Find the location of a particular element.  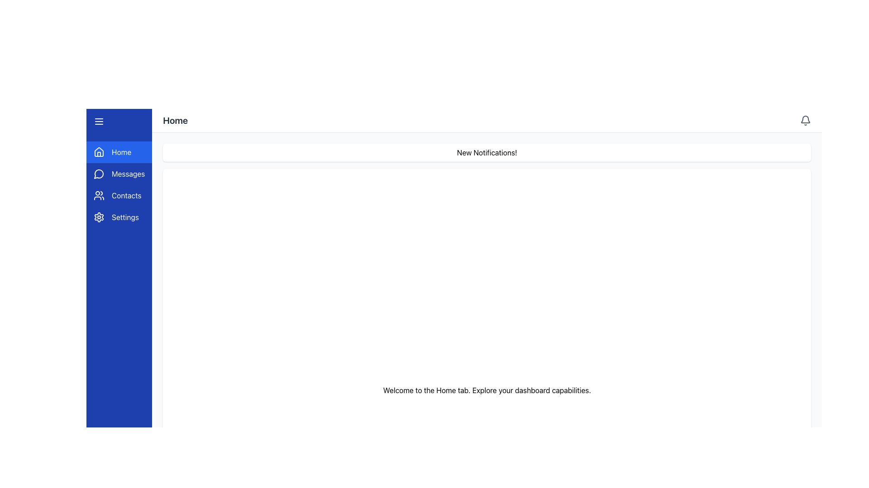

the 'Contacts' text label located in the vertical navigation bar is located at coordinates (126, 195).